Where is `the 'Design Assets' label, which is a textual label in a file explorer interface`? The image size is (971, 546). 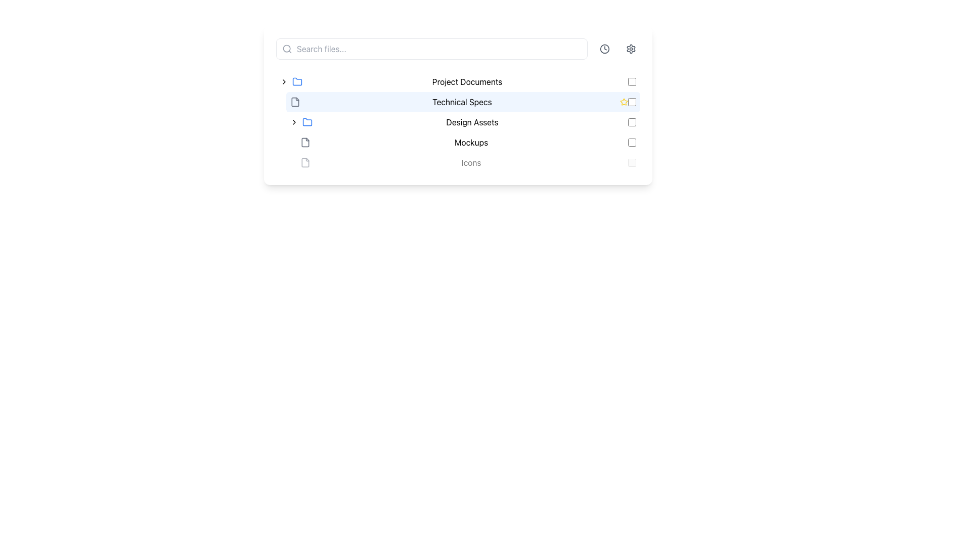
the 'Design Assets' label, which is a textual label in a file explorer interface is located at coordinates (472, 122).